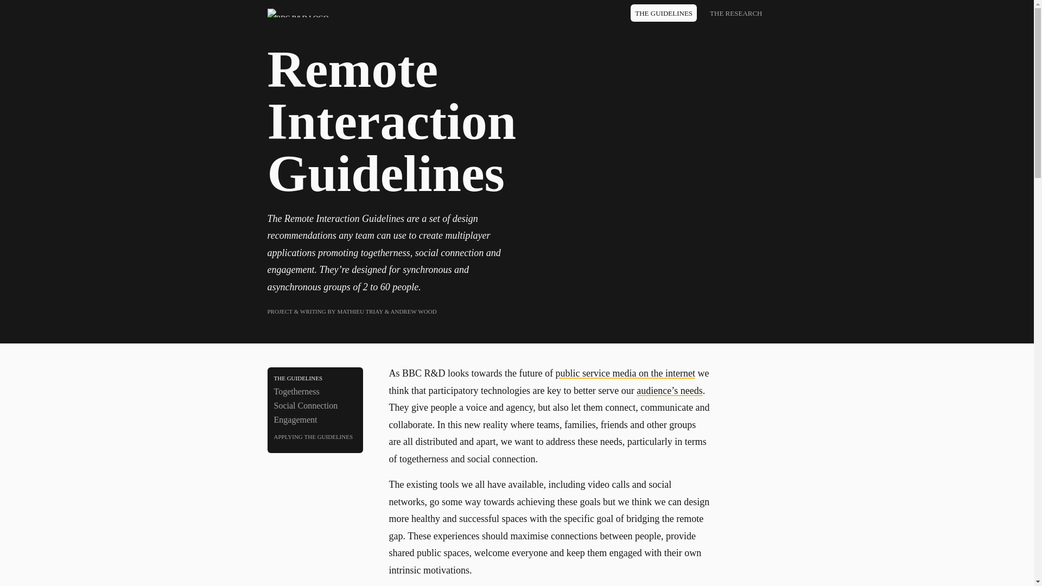 This screenshot has height=586, width=1042. What do you see at coordinates (314, 377) in the screenshot?
I see `'The Guidelines'` at bounding box center [314, 377].